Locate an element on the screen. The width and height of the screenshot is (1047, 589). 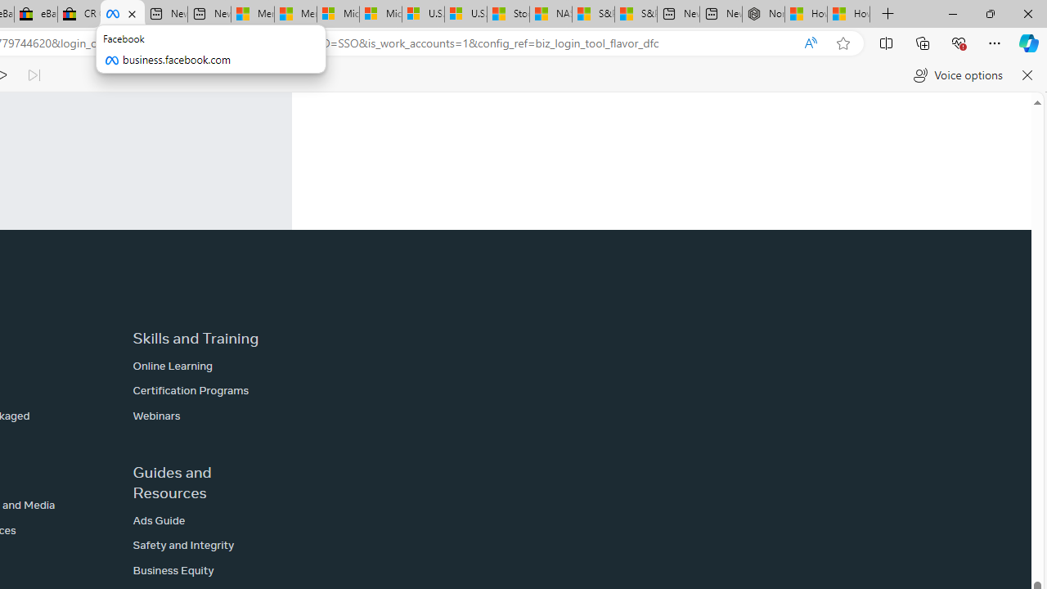
'Webinars' is located at coordinates (157, 414).